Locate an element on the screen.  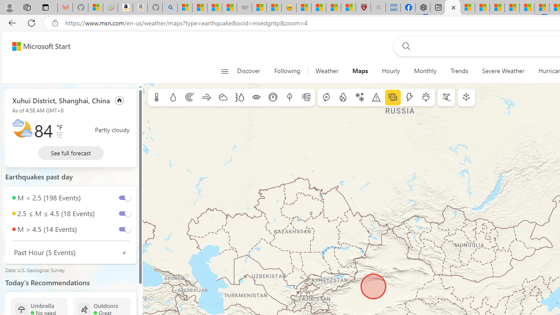
'Clouds' is located at coordinates (223, 98).